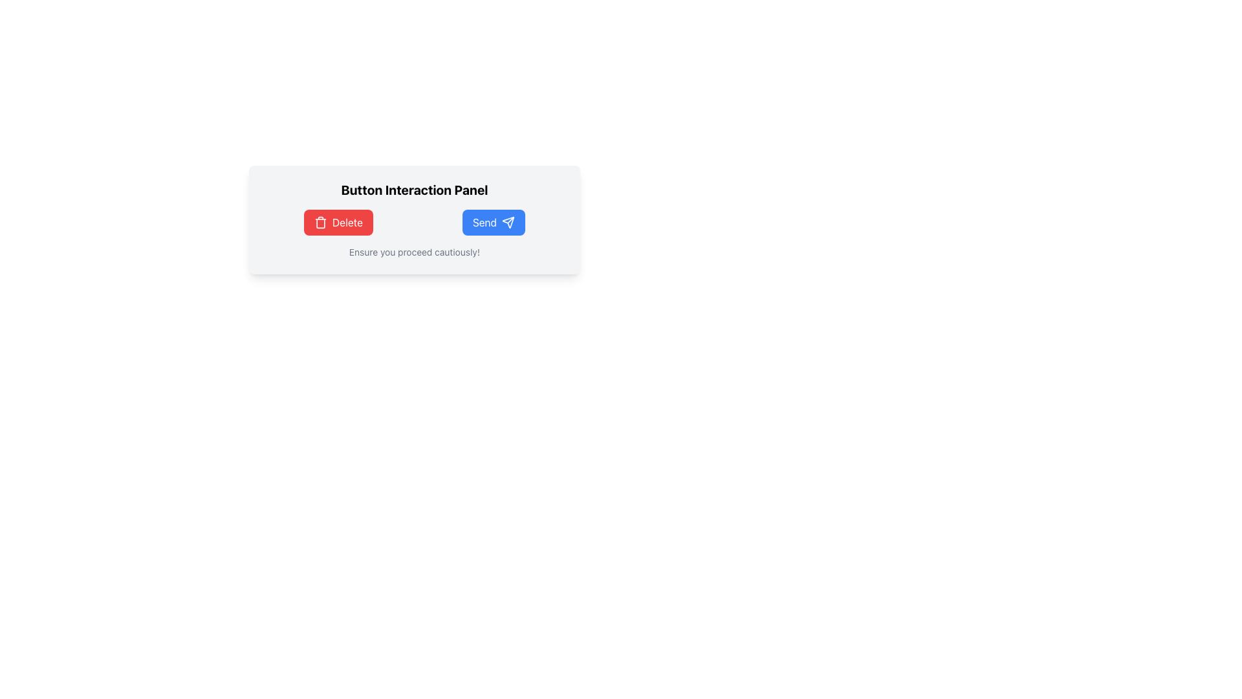 This screenshot has height=699, width=1242. I want to click on the cautionary Text Label located at the bottom of the 'Button Interaction Panel', which is directly below the 'Delete' and 'Send' buttons, so click(415, 252).